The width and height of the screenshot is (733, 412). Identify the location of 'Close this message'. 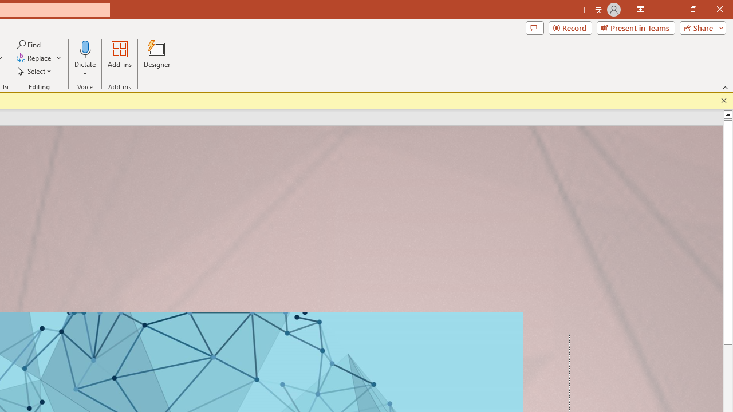
(723, 100).